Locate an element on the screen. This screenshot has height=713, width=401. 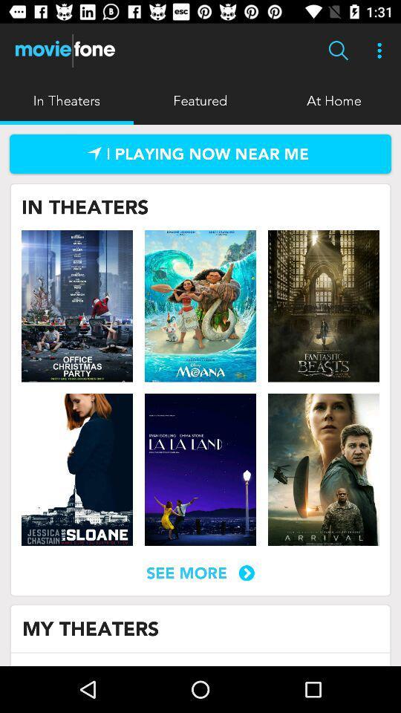
find movies near me is located at coordinates (200, 154).